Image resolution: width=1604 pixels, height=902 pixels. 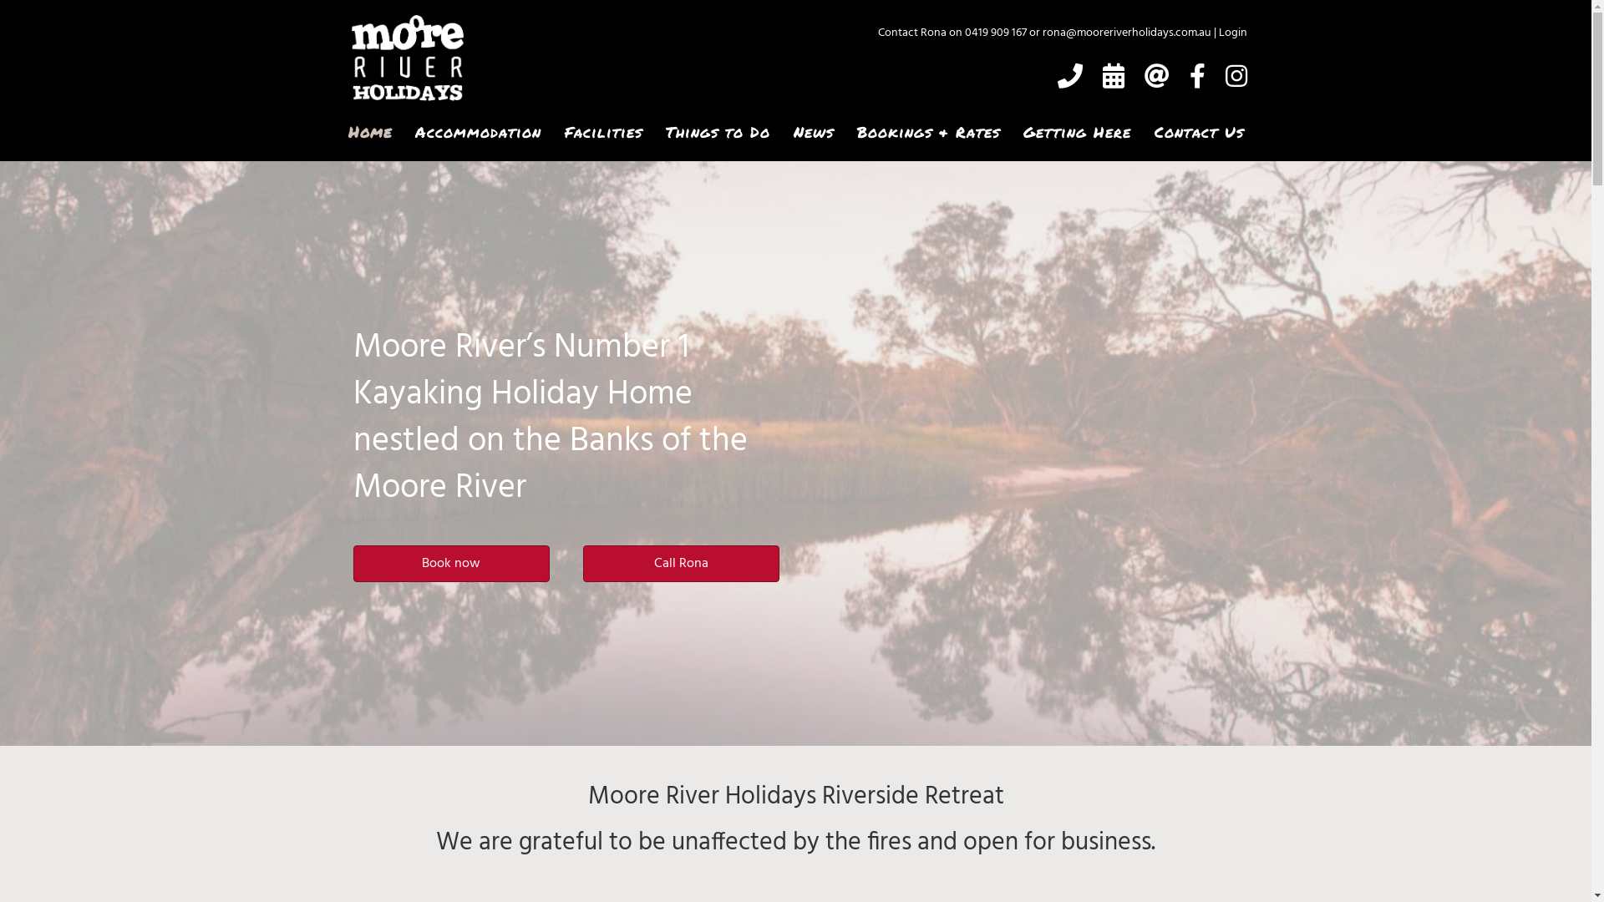 What do you see at coordinates (926, 131) in the screenshot?
I see `'Bookings & Rates'` at bounding box center [926, 131].